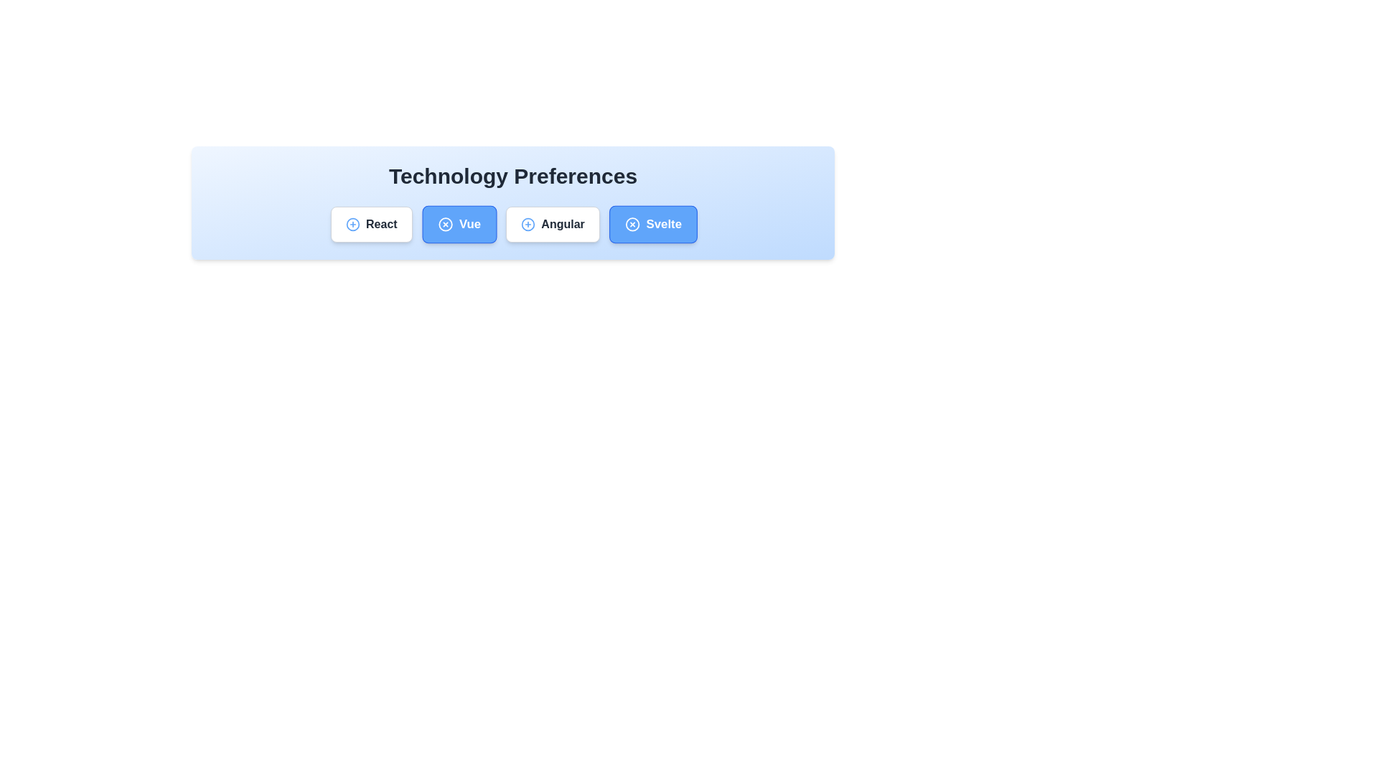 Image resolution: width=1378 pixels, height=775 pixels. I want to click on the chip labeled Vue to observe its hover effect, so click(457, 224).